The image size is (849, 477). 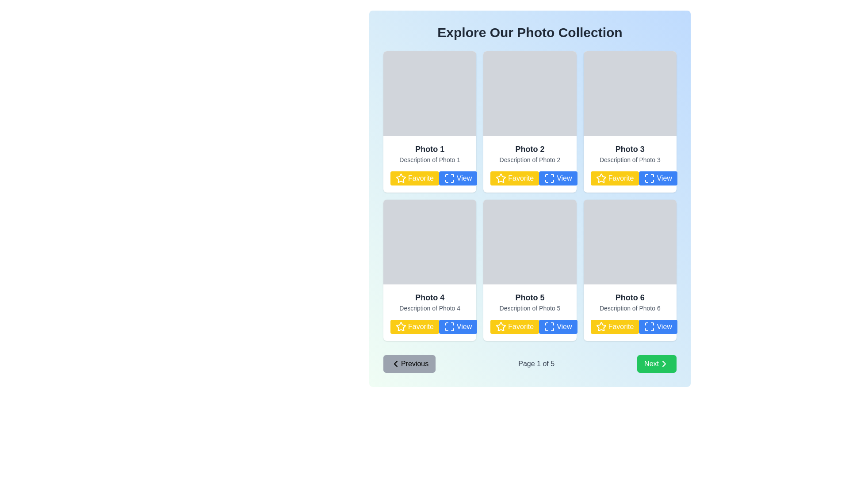 What do you see at coordinates (430, 298) in the screenshot?
I see `the bold text label displaying the title 'Photo 4' located in the lower part of the fourth card in the grid system` at bounding box center [430, 298].